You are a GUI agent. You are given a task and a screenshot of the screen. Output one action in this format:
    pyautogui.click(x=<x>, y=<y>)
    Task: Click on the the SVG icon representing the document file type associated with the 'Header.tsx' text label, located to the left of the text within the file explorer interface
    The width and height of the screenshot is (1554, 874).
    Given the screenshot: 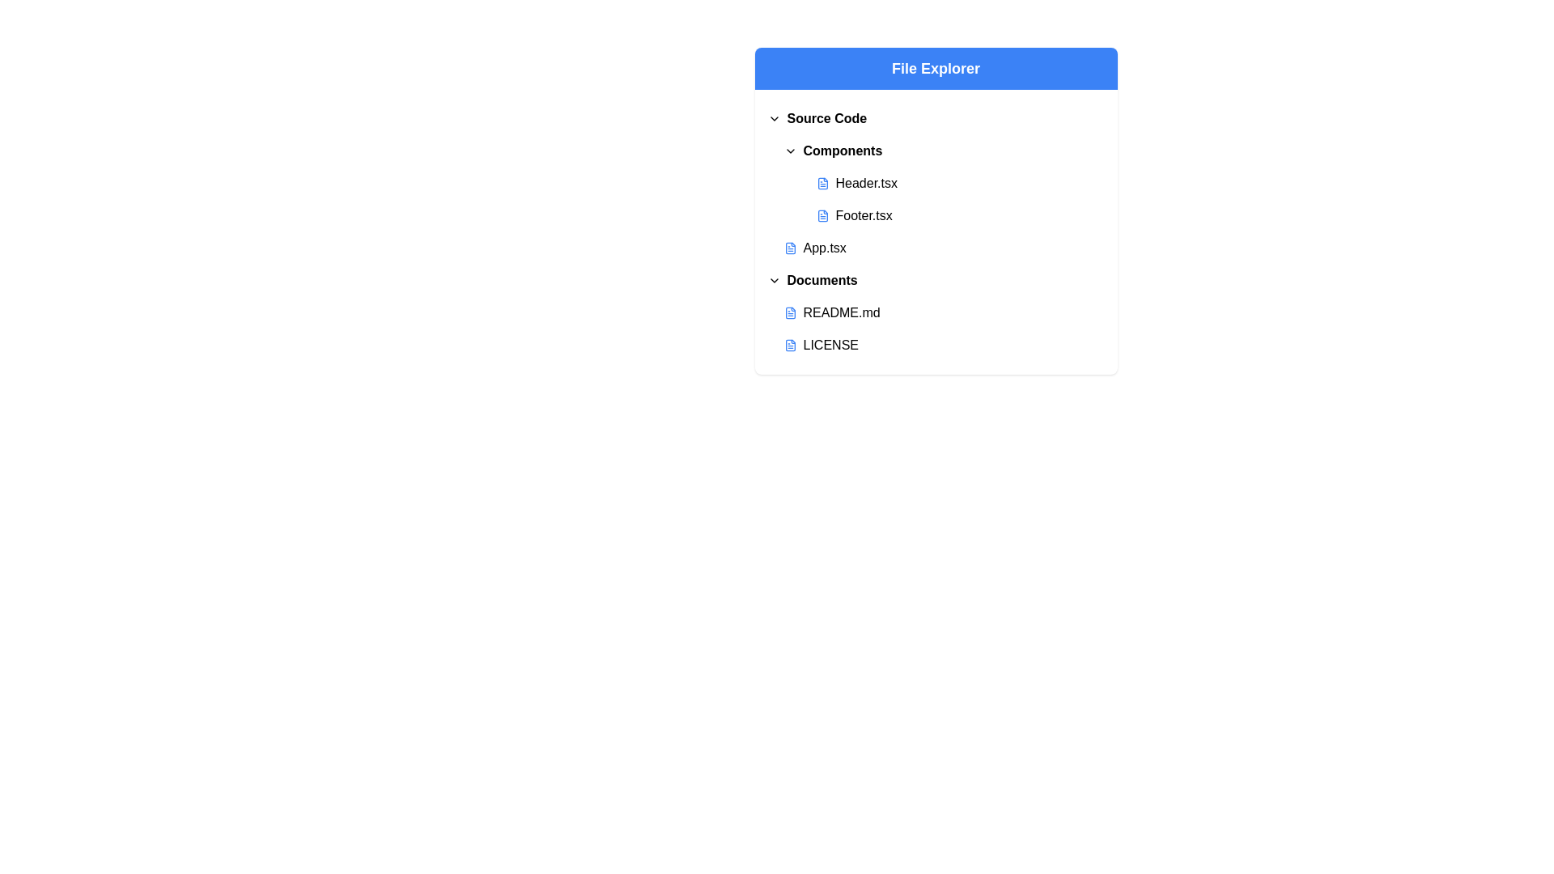 What is the action you would take?
    pyautogui.click(x=822, y=183)
    